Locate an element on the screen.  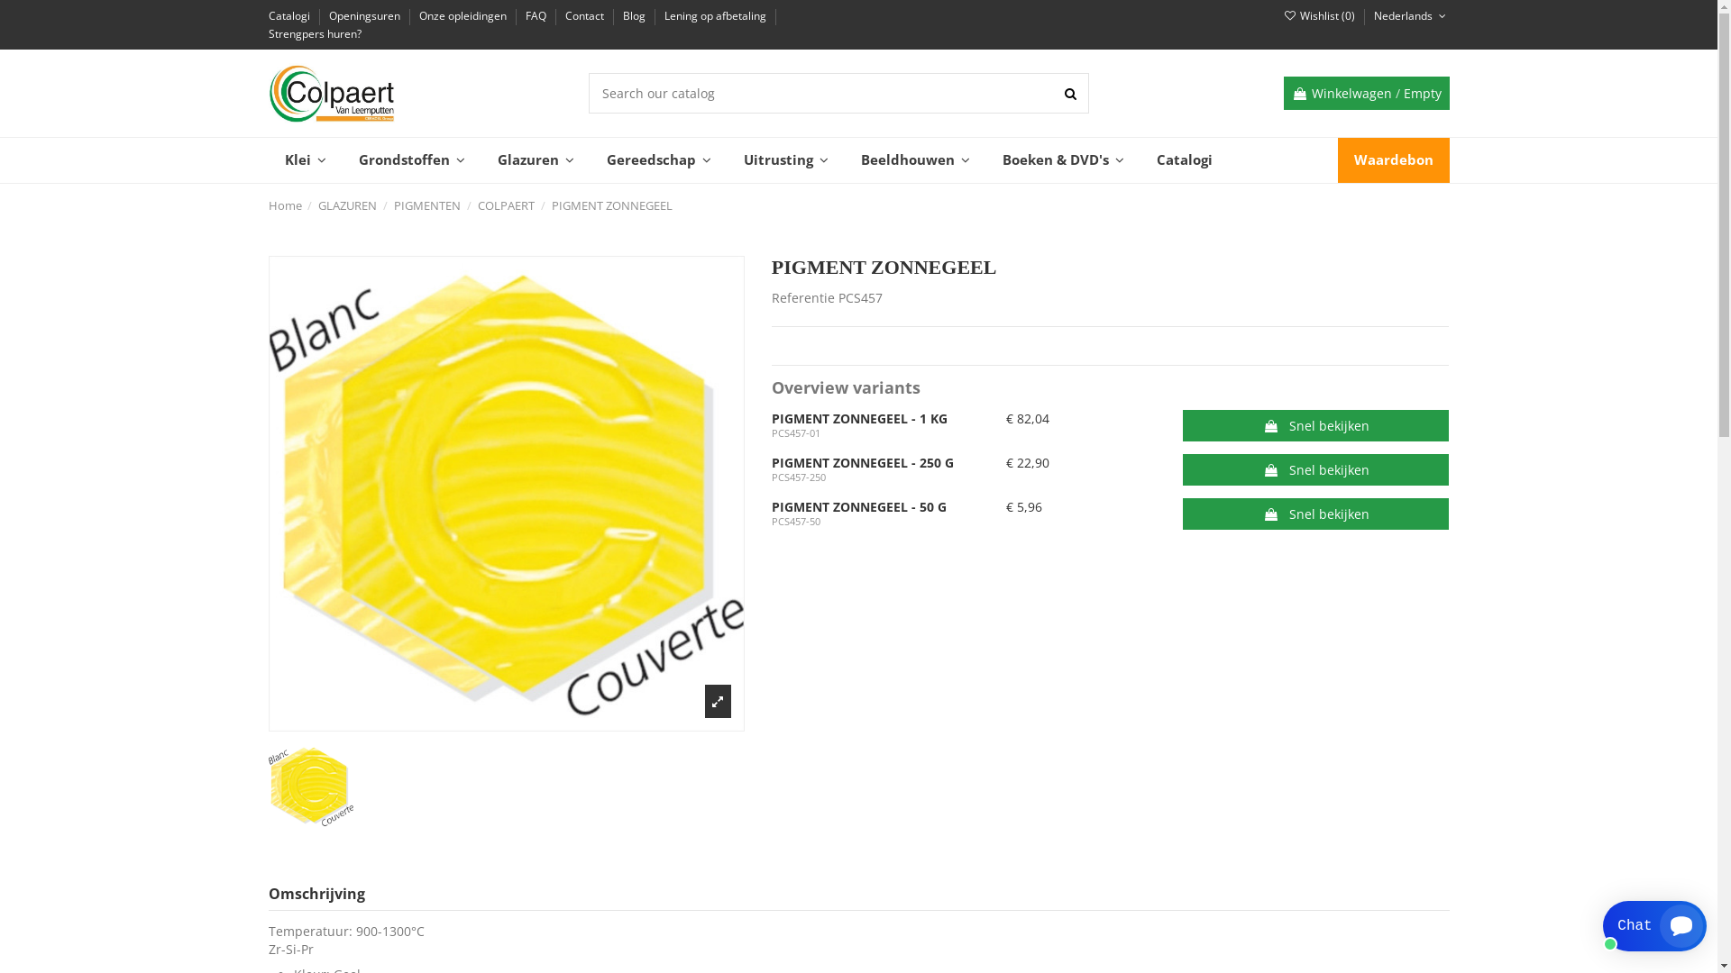
'Blog' is located at coordinates (635, 15).